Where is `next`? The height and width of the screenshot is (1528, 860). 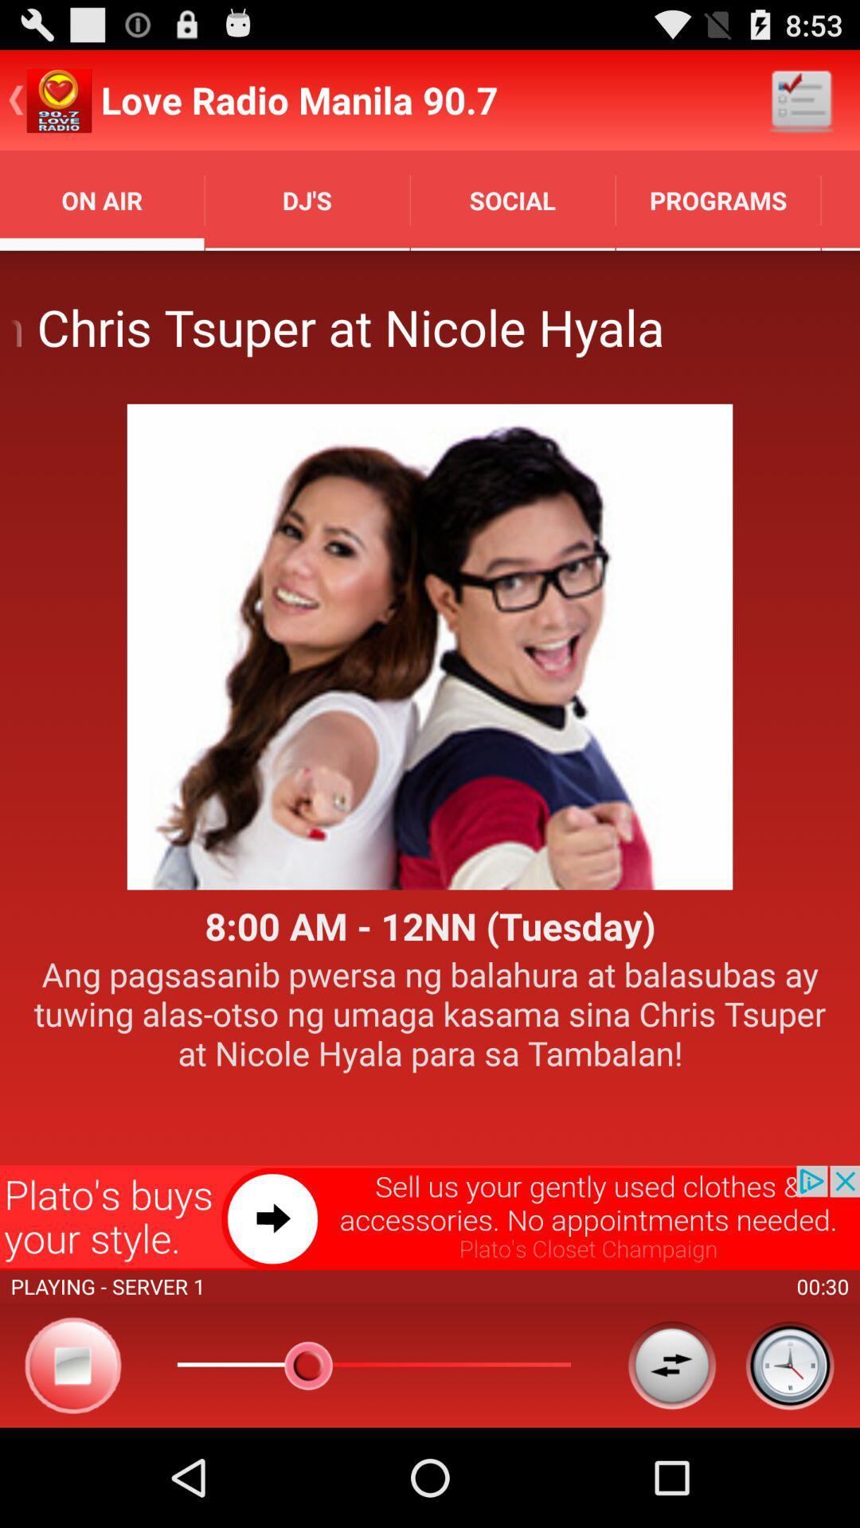 next is located at coordinates (430, 1217).